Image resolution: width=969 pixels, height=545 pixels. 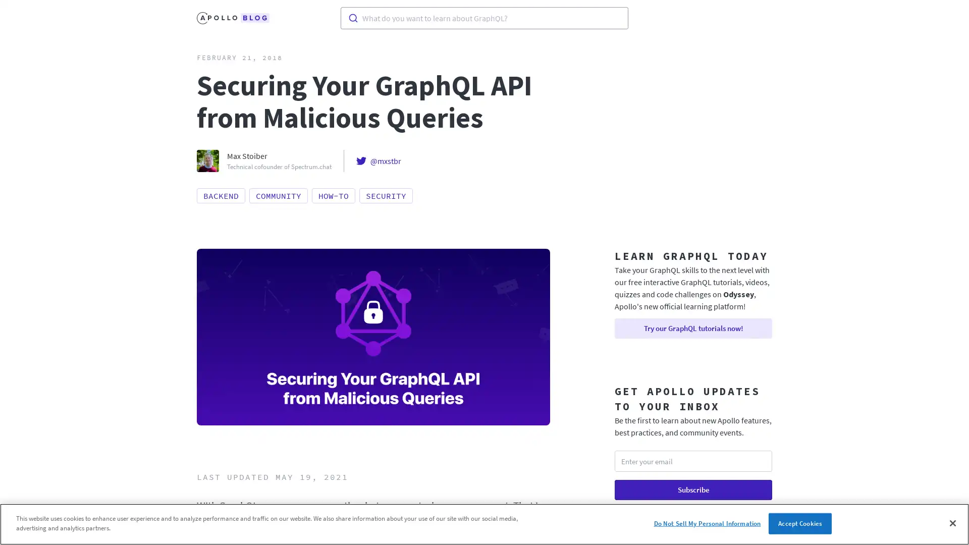 What do you see at coordinates (484, 18) in the screenshot?
I see `What do you want to learn about GraphQL?` at bounding box center [484, 18].